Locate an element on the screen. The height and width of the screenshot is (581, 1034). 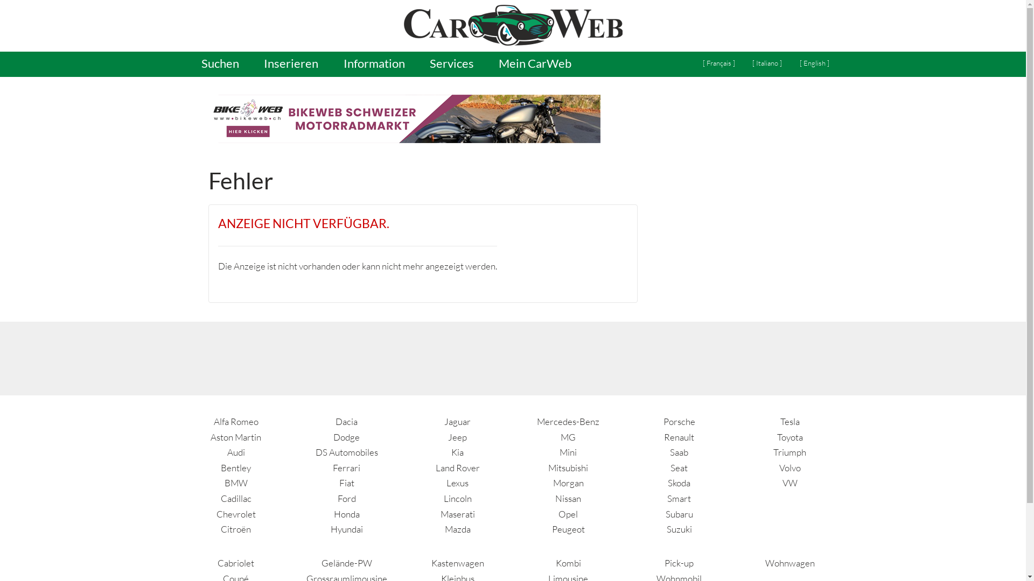
'Ferrari' is located at coordinates (332, 467).